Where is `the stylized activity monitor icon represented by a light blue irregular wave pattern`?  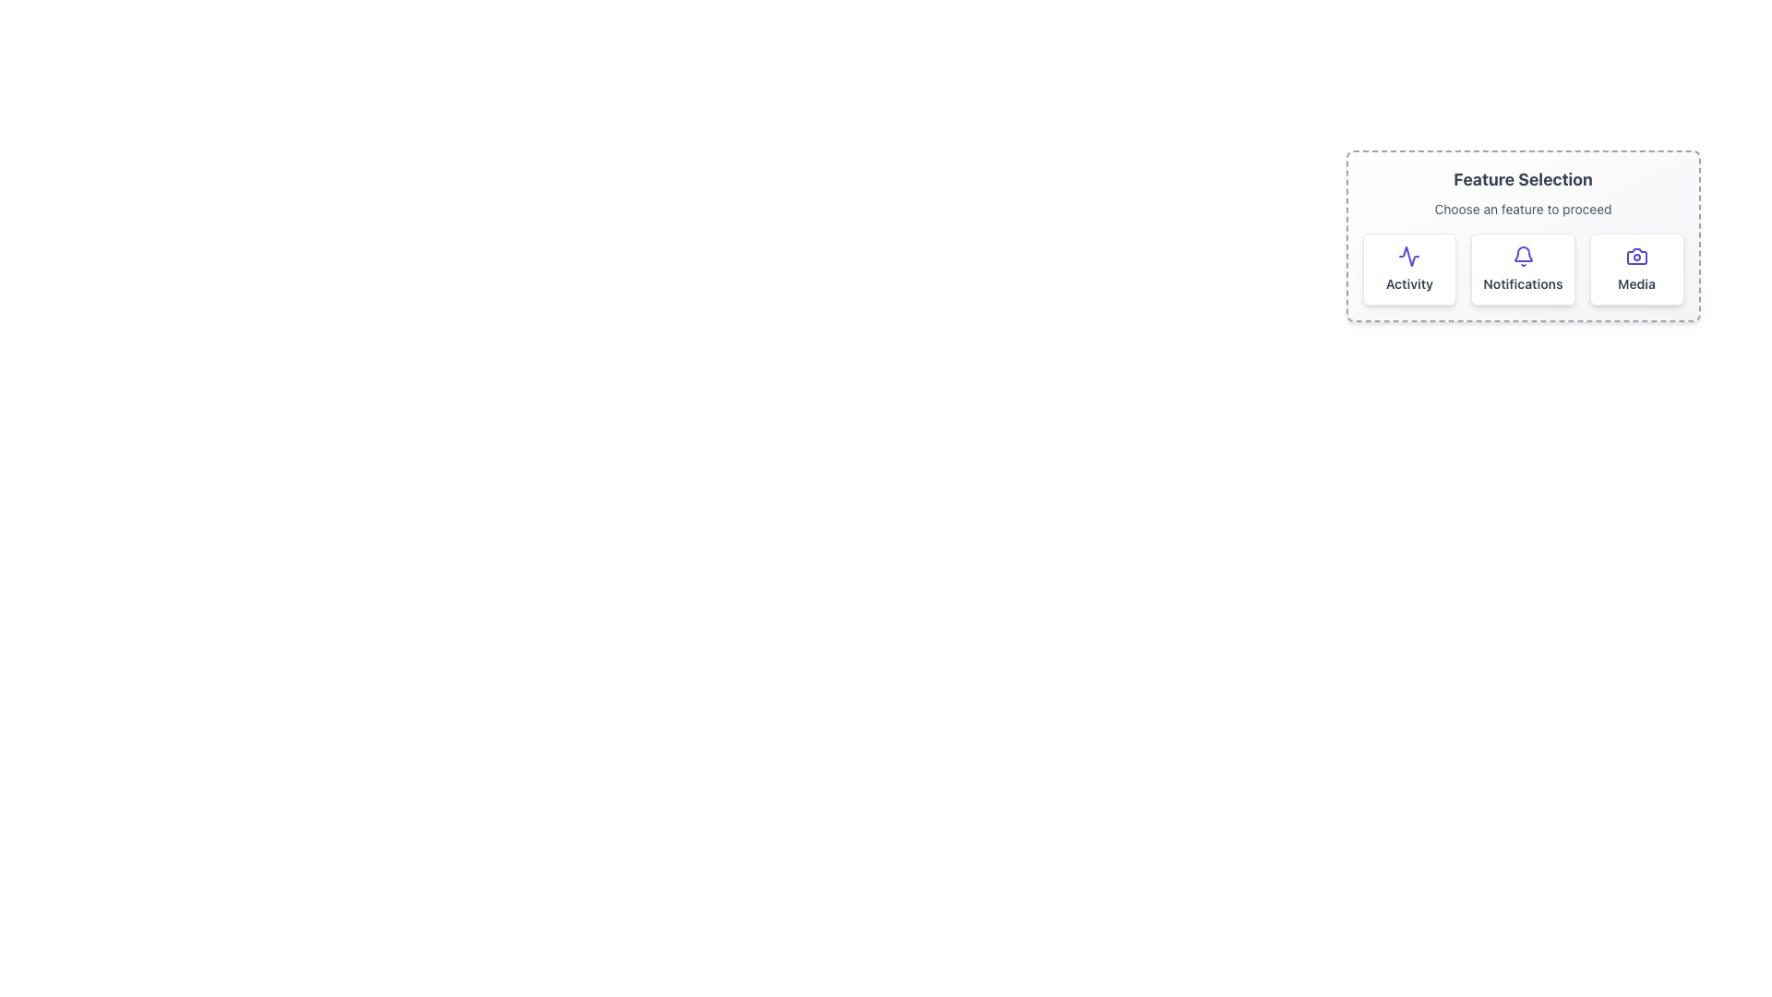 the stylized activity monitor icon represented by a light blue irregular wave pattern is located at coordinates (1408, 256).